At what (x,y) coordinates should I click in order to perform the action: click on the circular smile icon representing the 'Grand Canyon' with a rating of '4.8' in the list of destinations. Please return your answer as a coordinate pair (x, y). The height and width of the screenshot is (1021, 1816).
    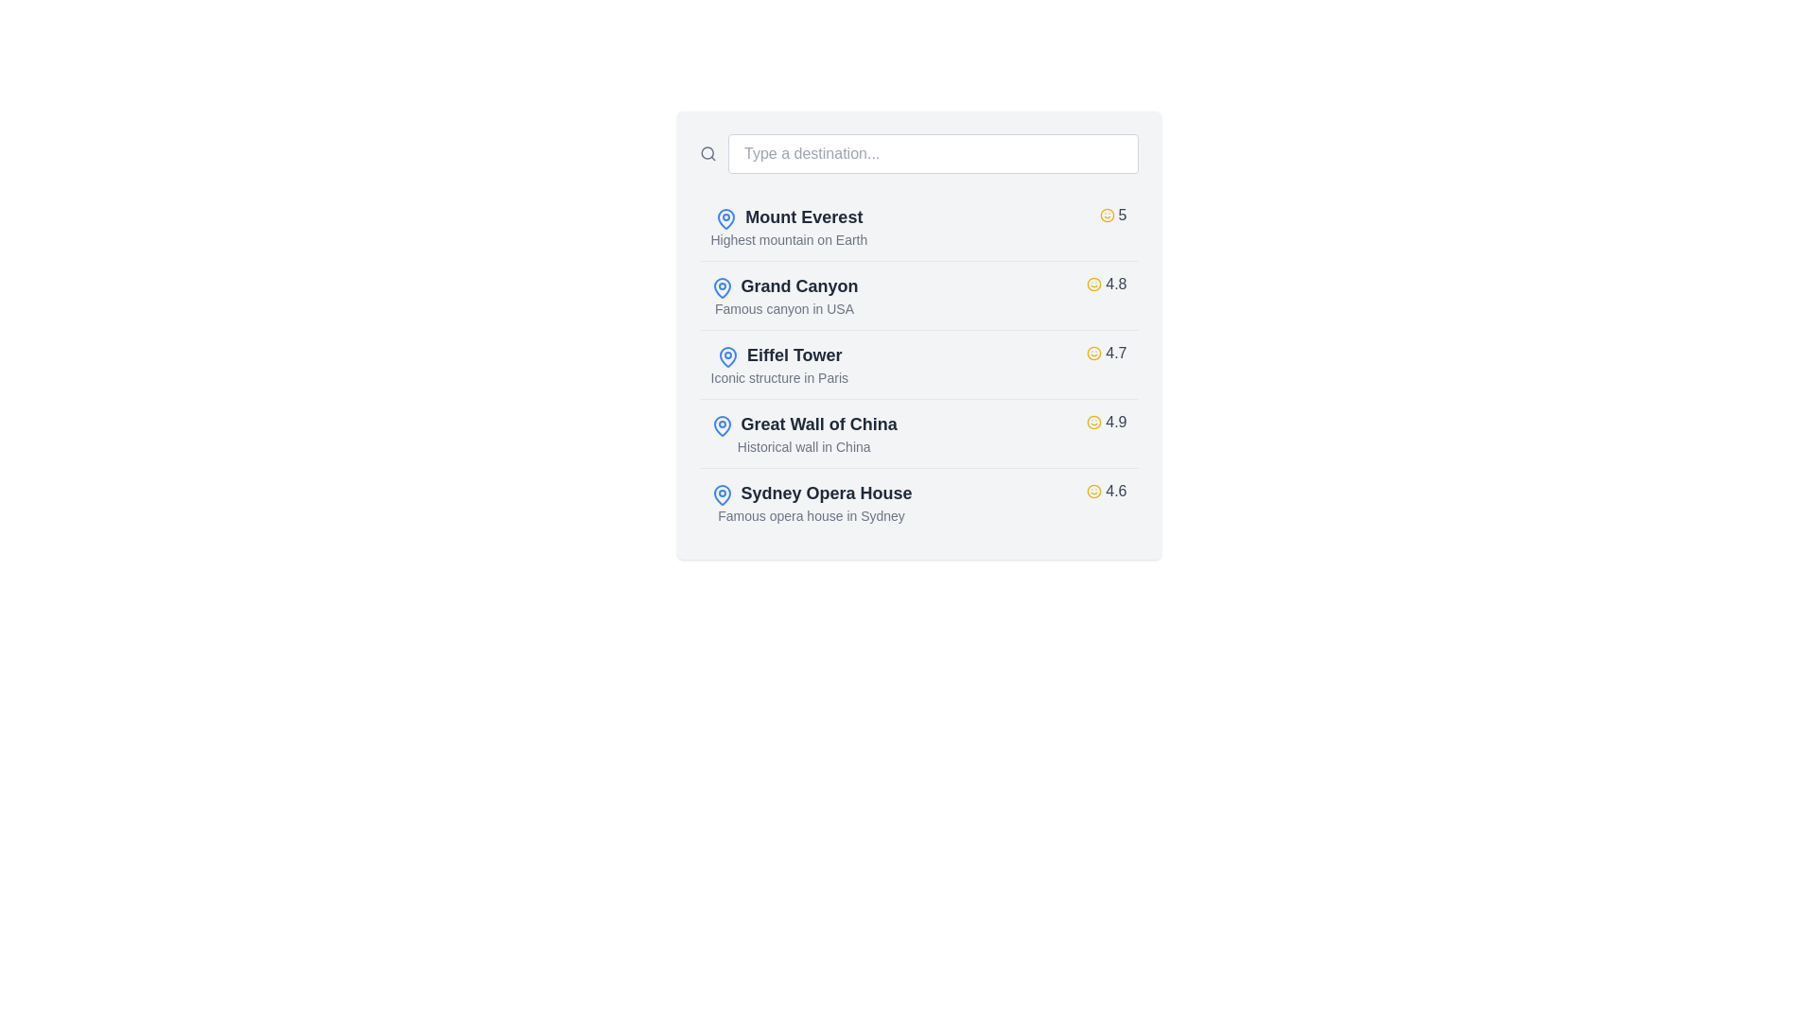
    Looking at the image, I should click on (1094, 284).